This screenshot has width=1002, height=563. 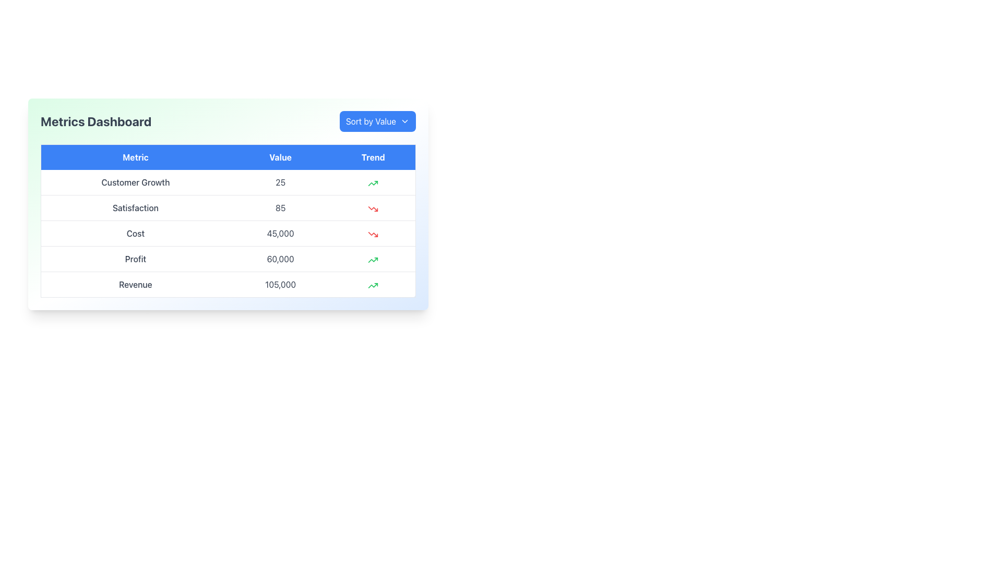 I want to click on the text label displaying '60,000' in the 'Value' column of the 'Profit' row in the dashboard table, so click(x=280, y=259).